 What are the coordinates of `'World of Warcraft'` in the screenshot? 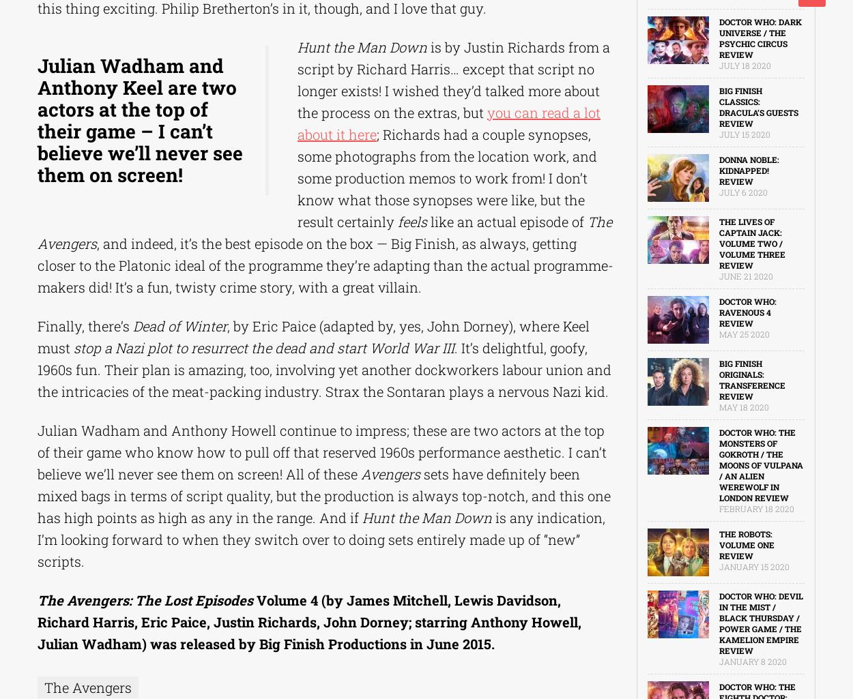 It's located at (25, 104).